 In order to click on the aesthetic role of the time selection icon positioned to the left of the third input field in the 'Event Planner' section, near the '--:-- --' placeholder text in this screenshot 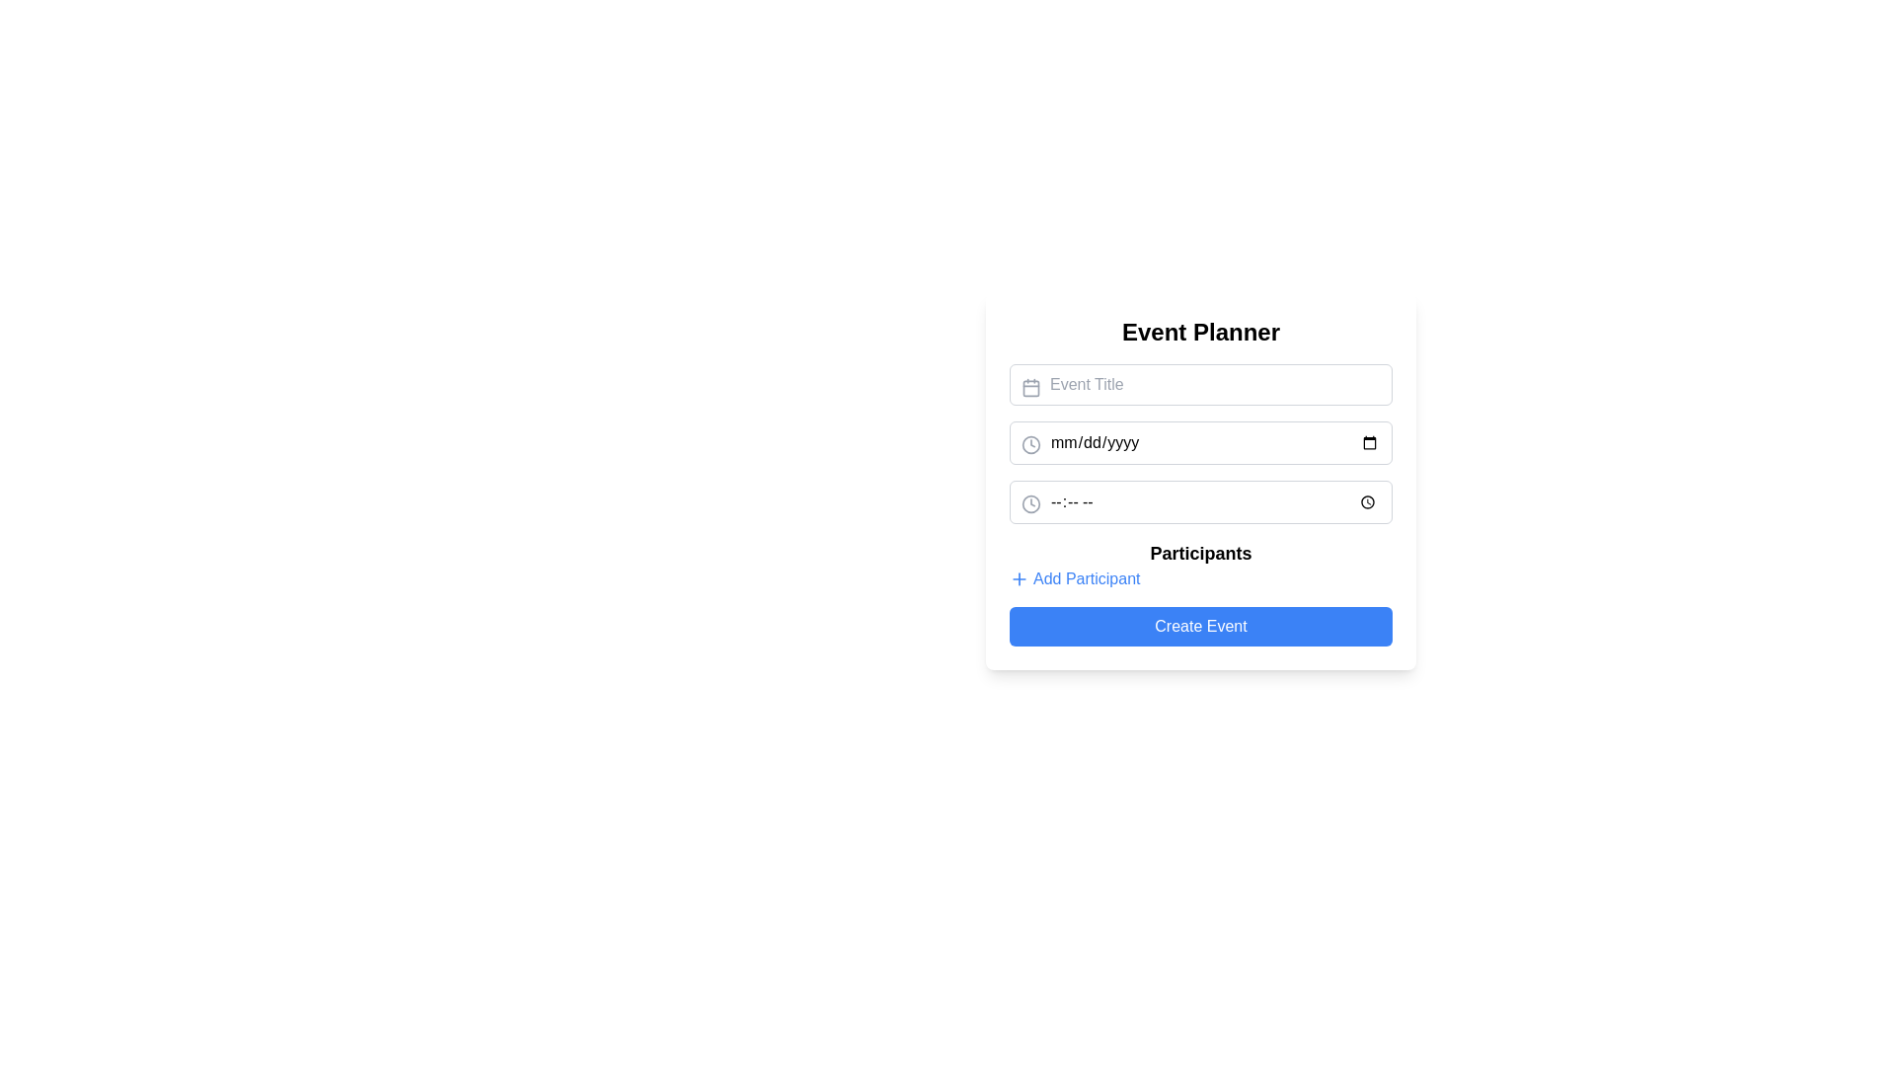, I will do `click(1030, 502)`.